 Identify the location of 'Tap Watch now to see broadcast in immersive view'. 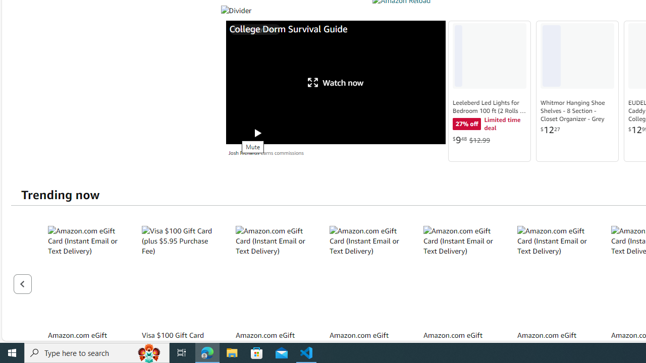
(336, 82).